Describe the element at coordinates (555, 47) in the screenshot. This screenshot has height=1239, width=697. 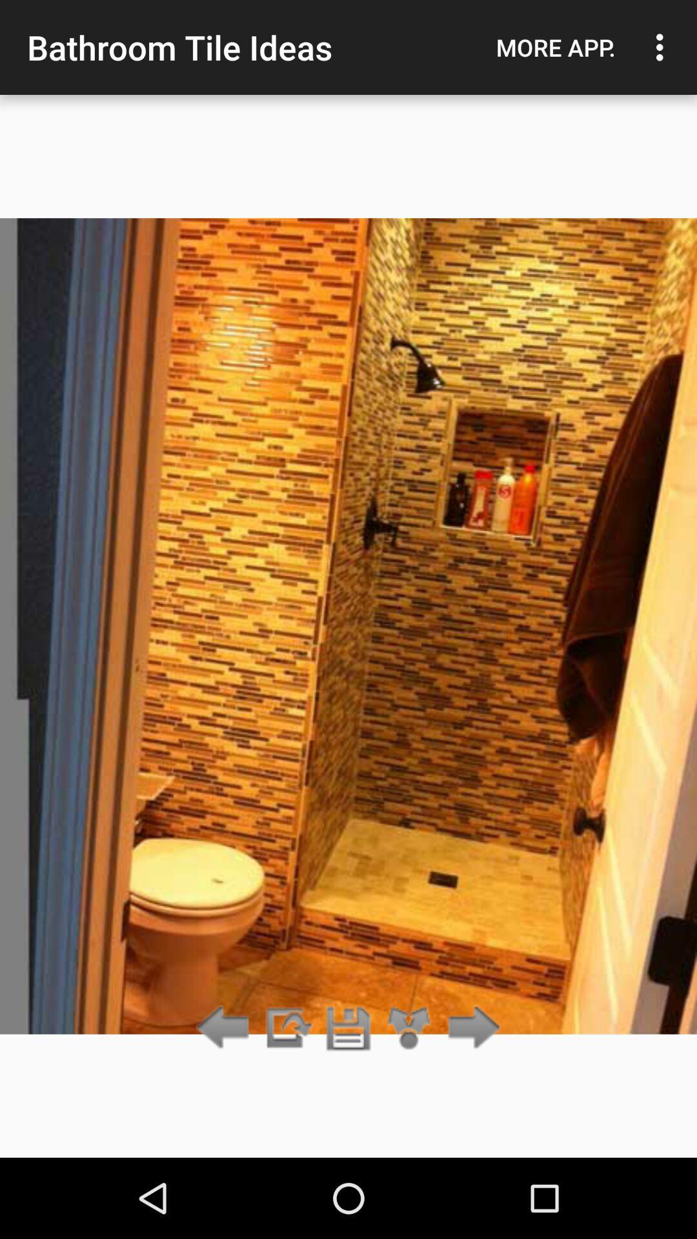
I see `icon to the right of the bathroom tile ideas app` at that location.